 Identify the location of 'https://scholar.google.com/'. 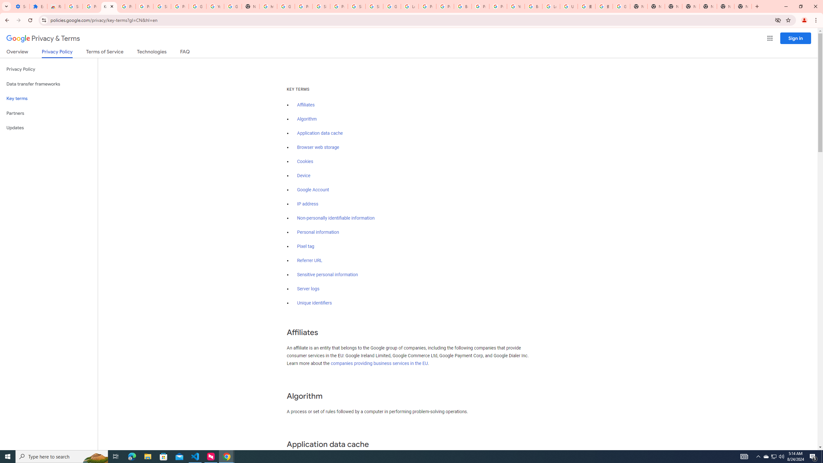
(268, 6).